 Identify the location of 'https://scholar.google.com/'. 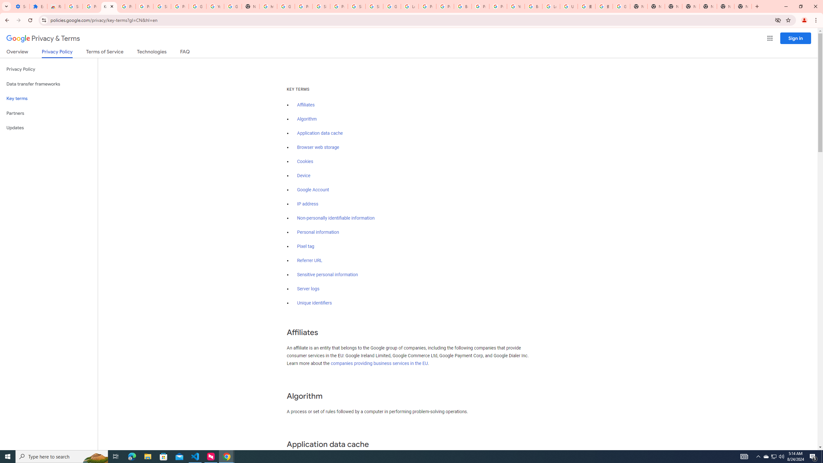
(268, 6).